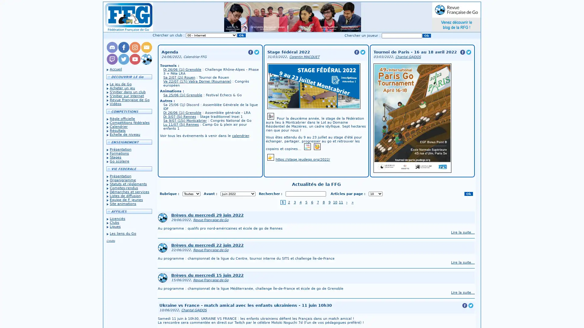 This screenshot has width=584, height=328. I want to click on Ok, so click(468, 194).